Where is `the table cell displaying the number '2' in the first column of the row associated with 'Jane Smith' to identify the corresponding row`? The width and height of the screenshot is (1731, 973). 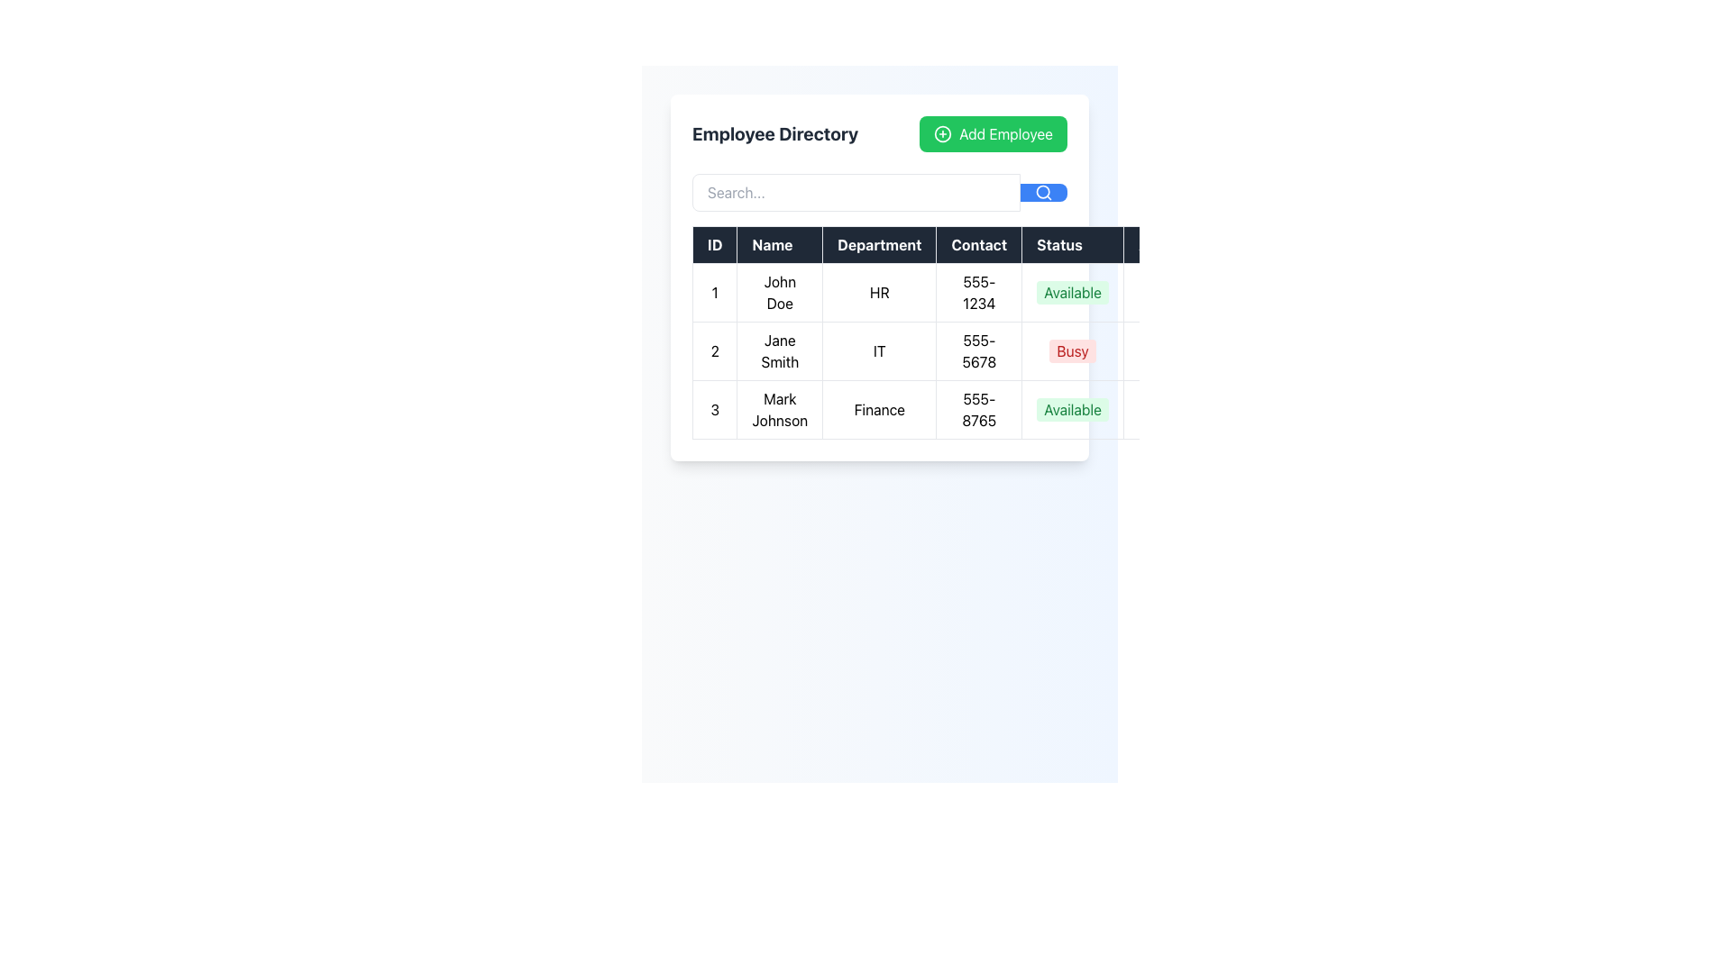 the table cell displaying the number '2' in the first column of the row associated with 'Jane Smith' to identify the corresponding row is located at coordinates (714, 350).